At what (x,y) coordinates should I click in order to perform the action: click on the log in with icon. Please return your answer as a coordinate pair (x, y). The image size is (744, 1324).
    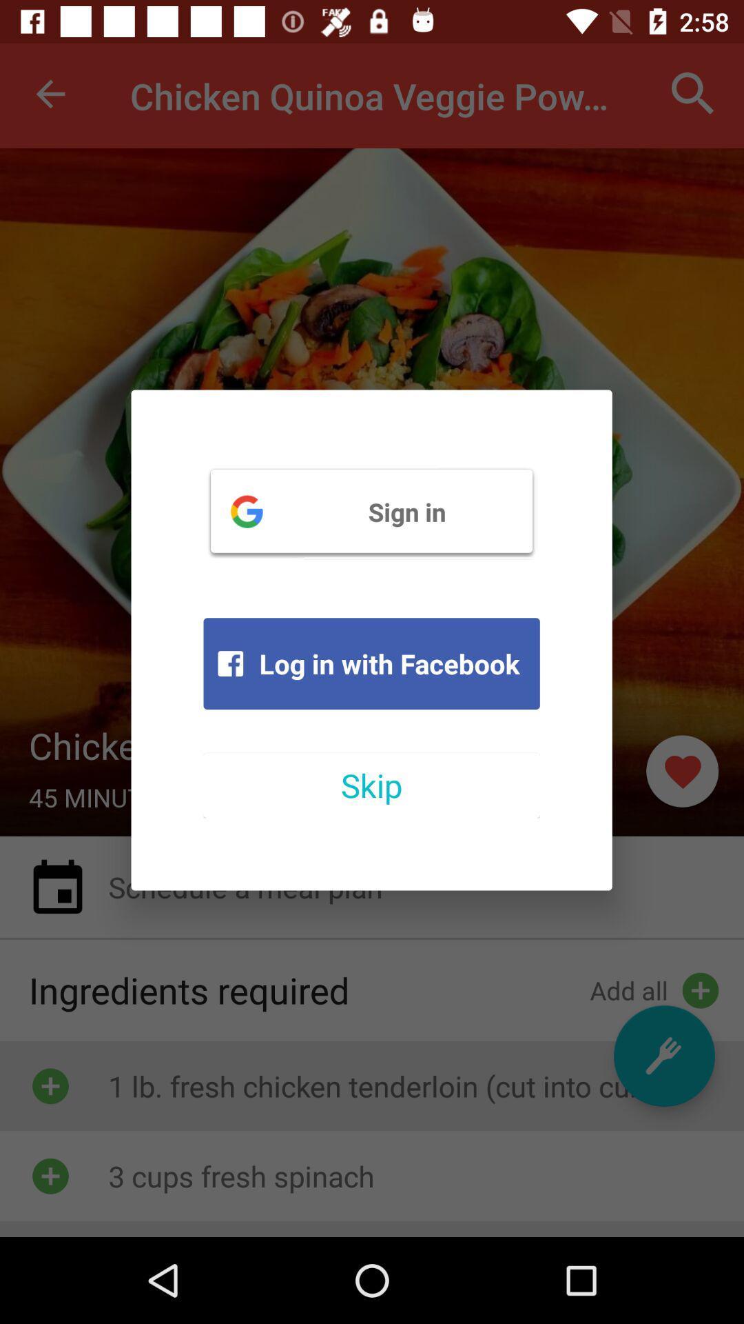
    Looking at the image, I should click on (371, 663).